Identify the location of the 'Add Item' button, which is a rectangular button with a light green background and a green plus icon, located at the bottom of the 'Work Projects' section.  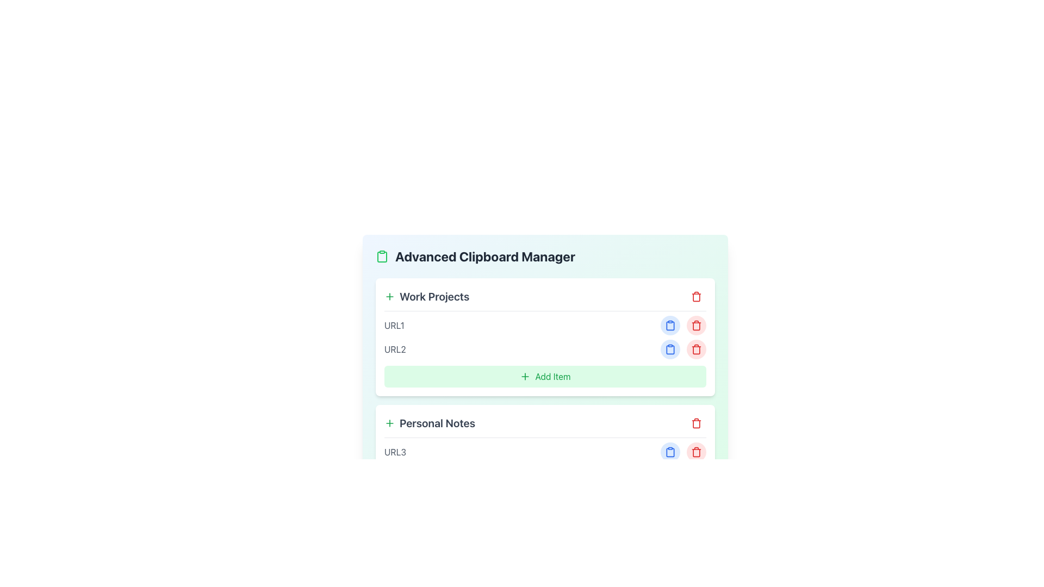
(545, 376).